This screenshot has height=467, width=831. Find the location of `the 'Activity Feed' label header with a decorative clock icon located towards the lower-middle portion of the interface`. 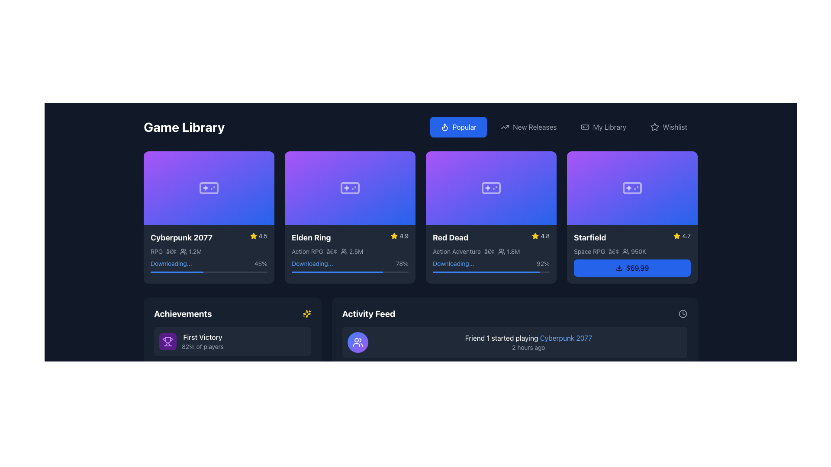

the 'Activity Feed' label header with a decorative clock icon located towards the lower-middle portion of the interface is located at coordinates (515, 313).